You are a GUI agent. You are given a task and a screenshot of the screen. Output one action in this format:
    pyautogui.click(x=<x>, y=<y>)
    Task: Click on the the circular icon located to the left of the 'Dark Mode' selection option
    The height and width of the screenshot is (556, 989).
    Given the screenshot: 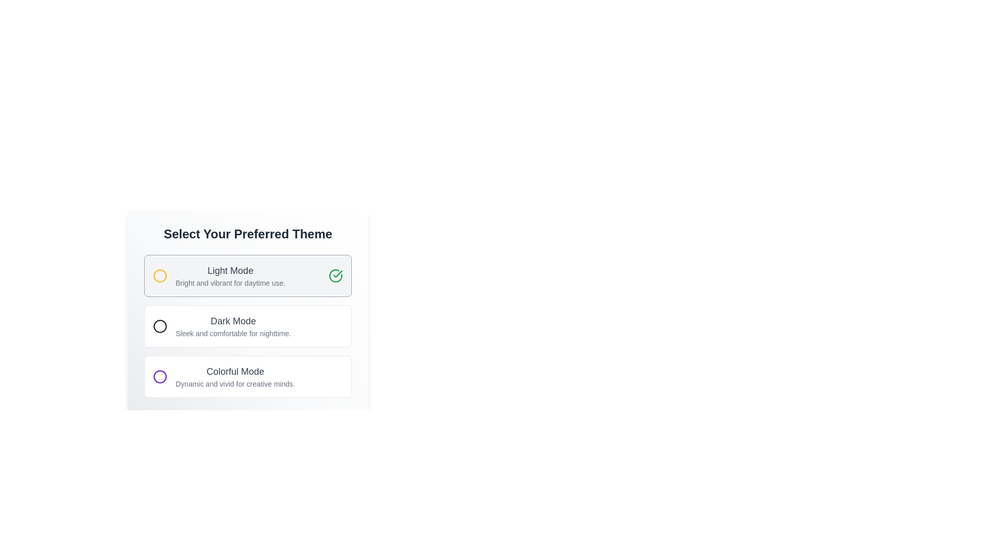 What is the action you would take?
    pyautogui.click(x=160, y=326)
    